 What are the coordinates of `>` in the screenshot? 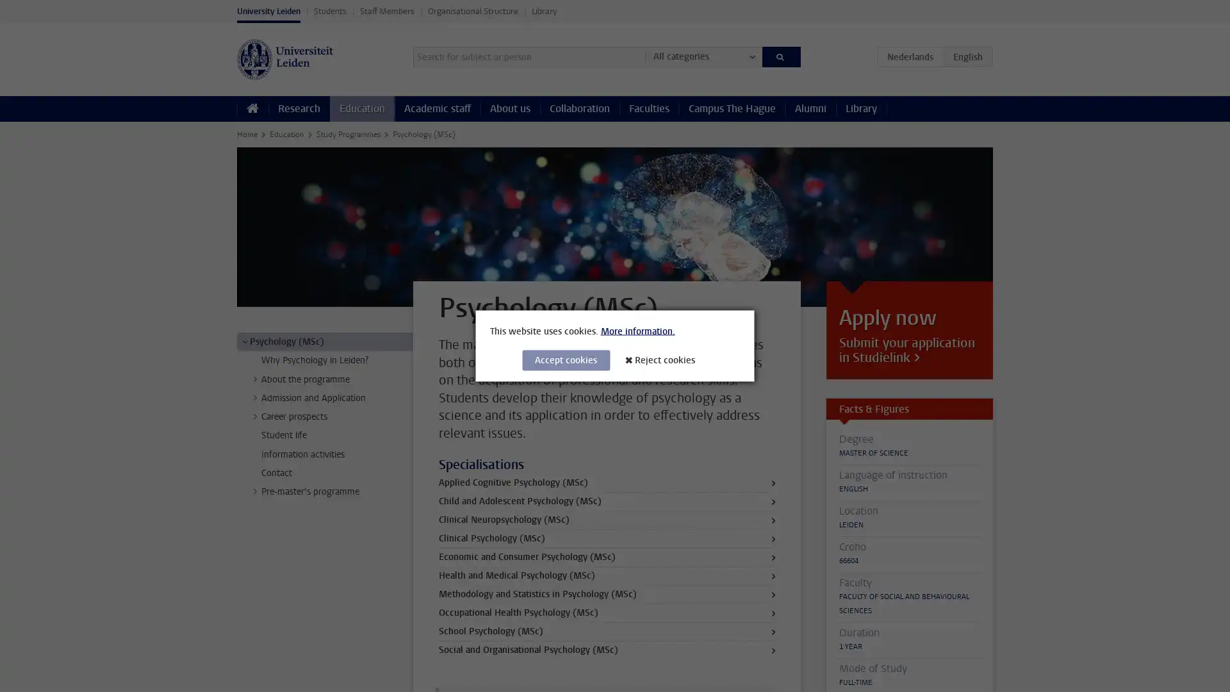 It's located at (245, 340).